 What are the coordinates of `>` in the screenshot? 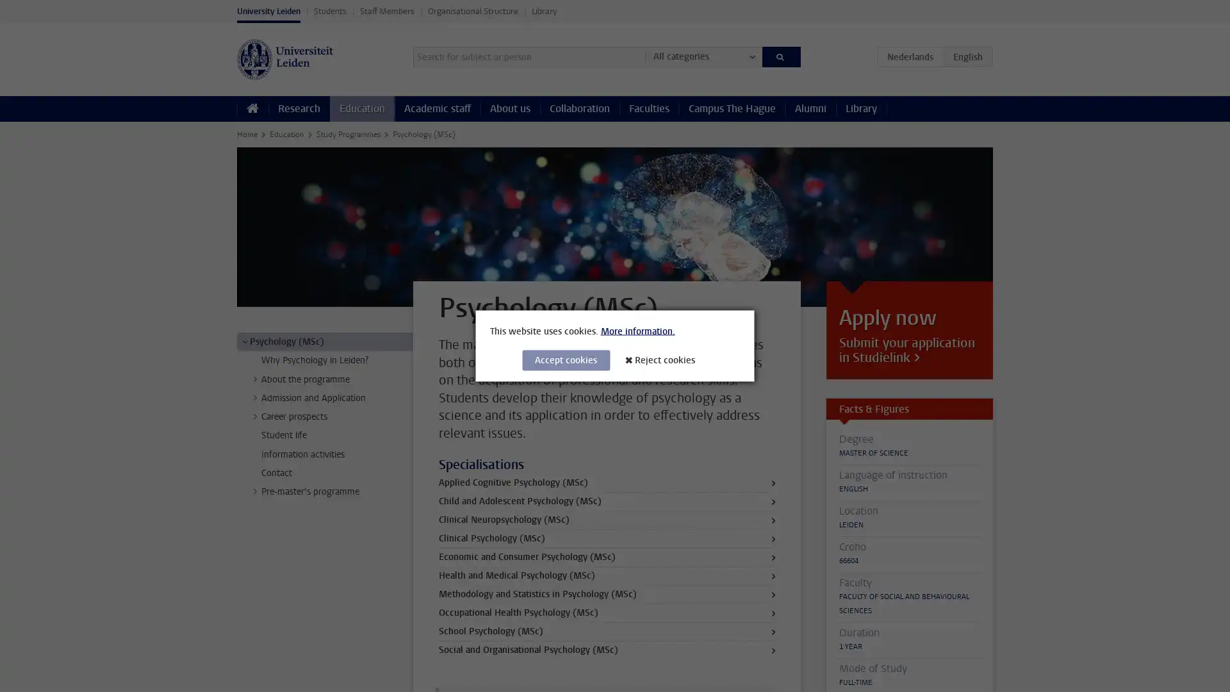 It's located at (245, 340).